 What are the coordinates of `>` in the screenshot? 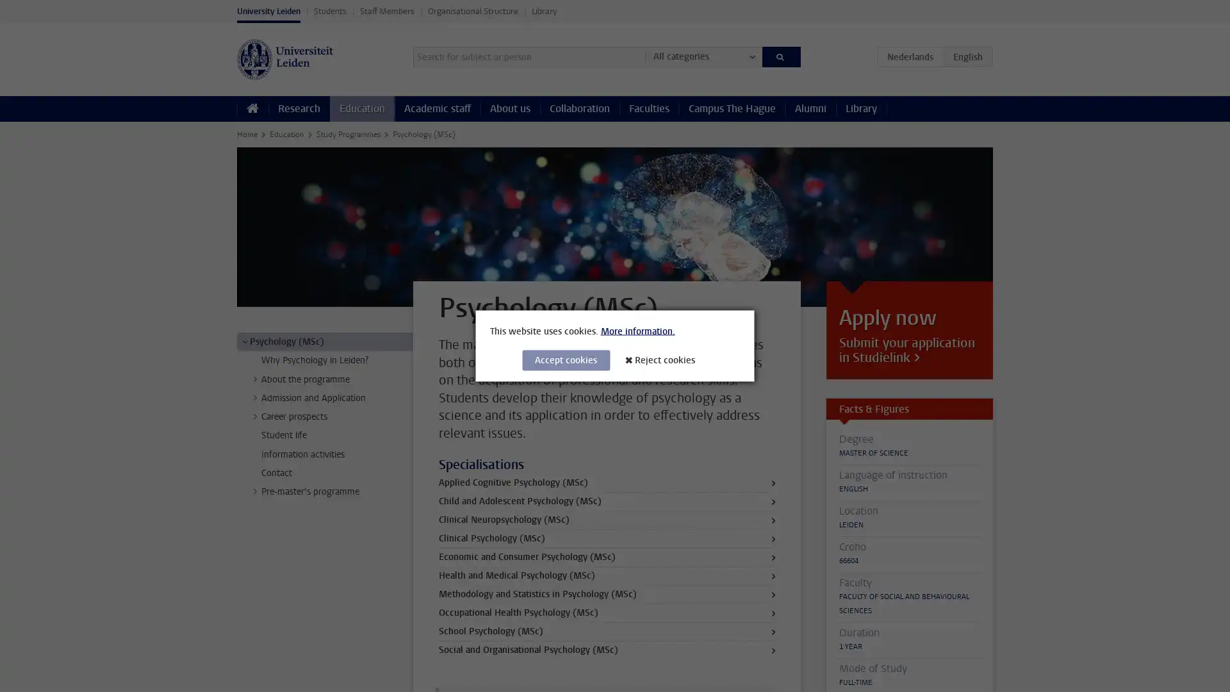 It's located at (245, 340).